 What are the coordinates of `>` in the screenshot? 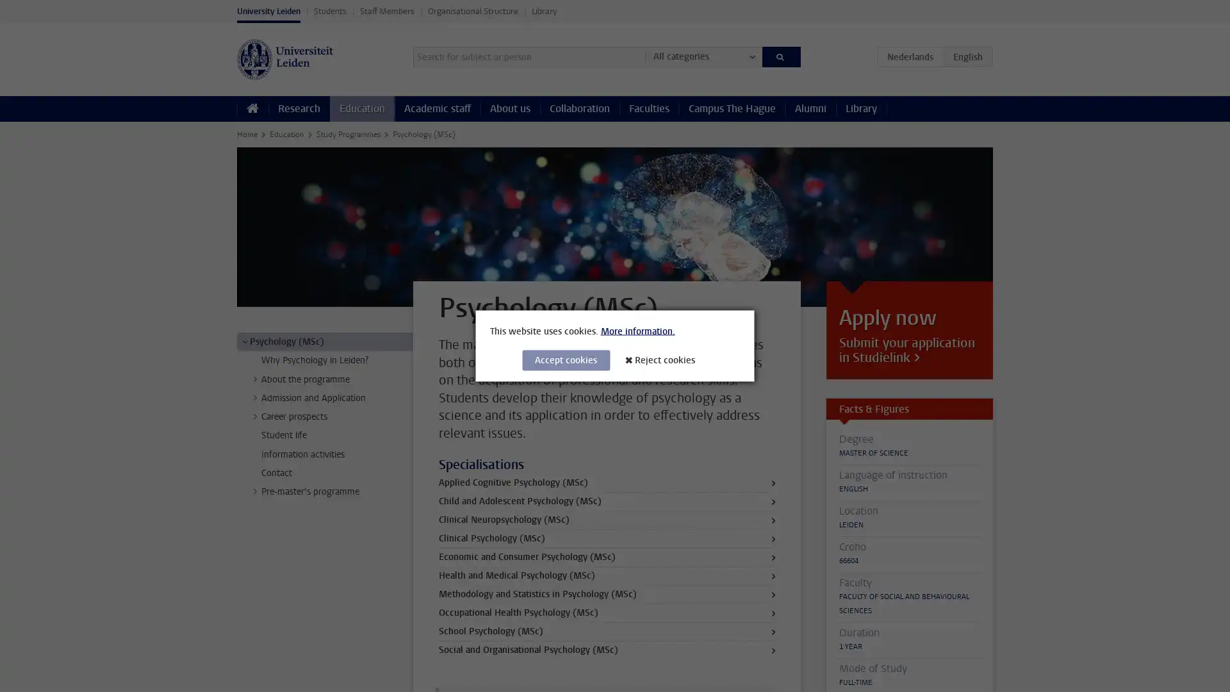 It's located at (245, 340).